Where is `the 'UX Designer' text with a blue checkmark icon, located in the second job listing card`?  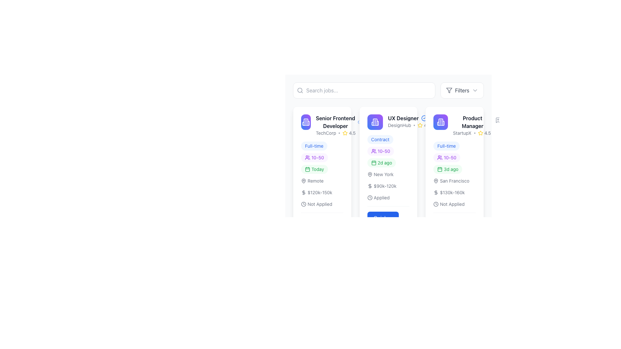 the 'UX Designer' text with a blue checkmark icon, located in the second job listing card is located at coordinates (409, 118).